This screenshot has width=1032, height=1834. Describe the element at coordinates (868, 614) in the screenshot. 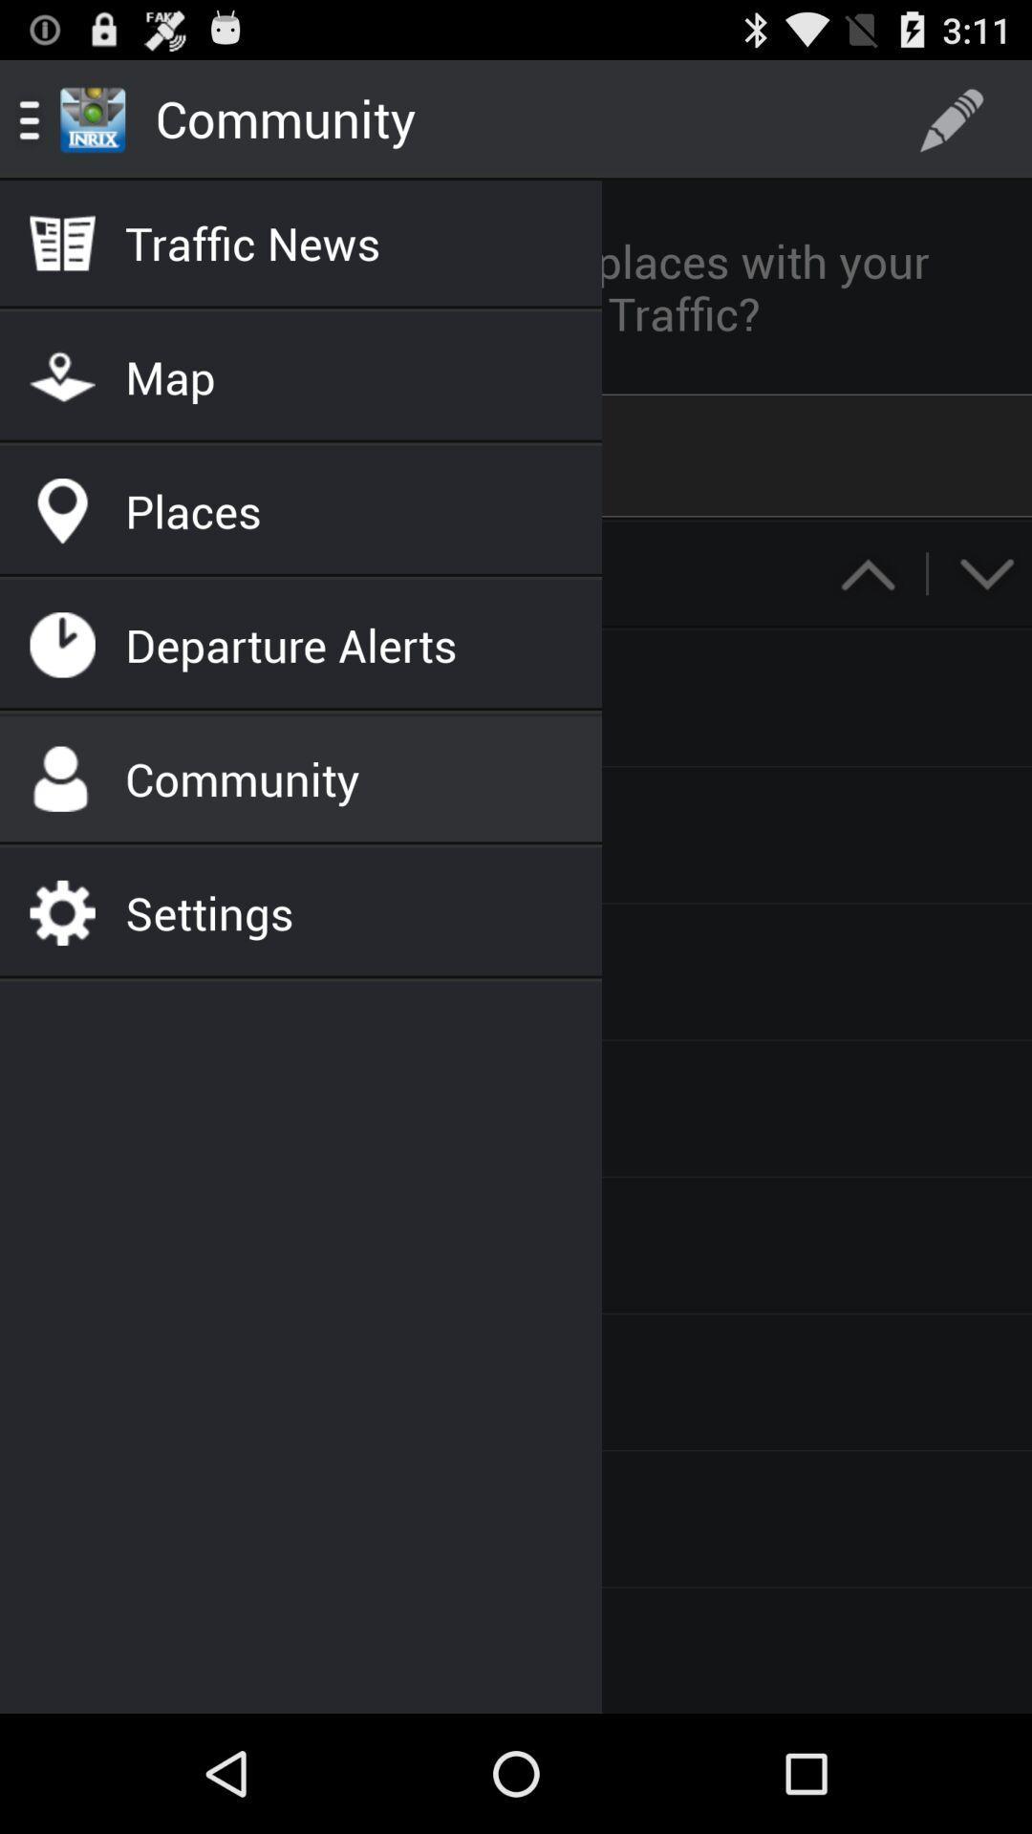

I see `the expand_less icon` at that location.